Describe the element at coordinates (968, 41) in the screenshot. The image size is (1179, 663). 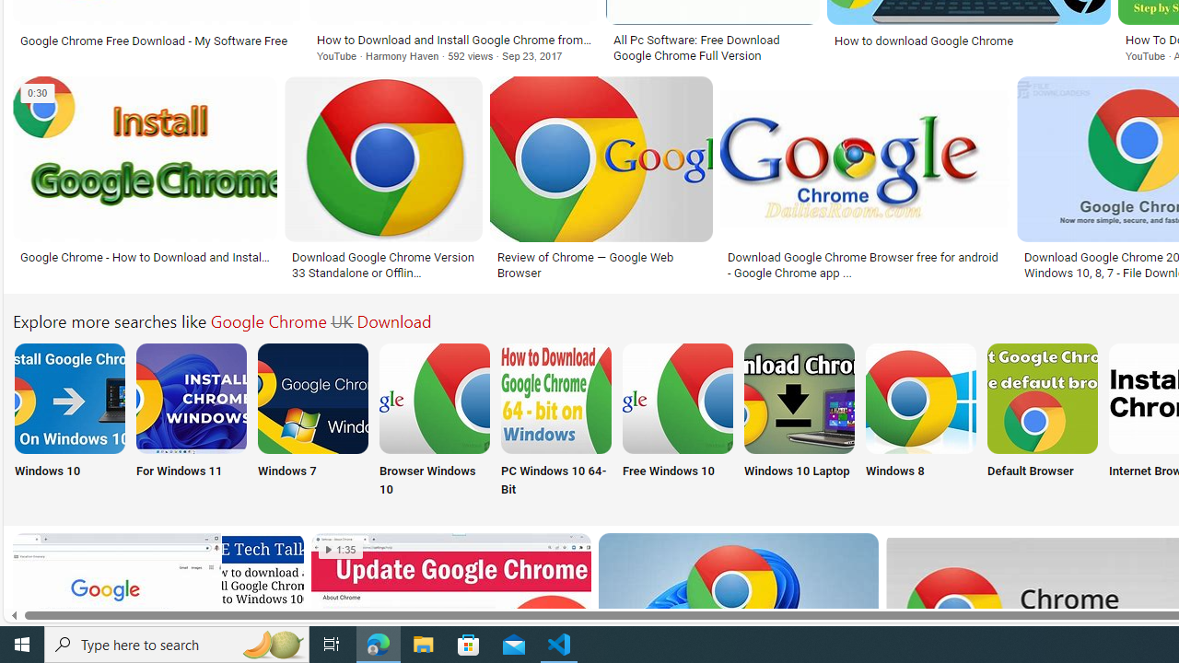
I see `'How to download Google Chrome'` at that location.